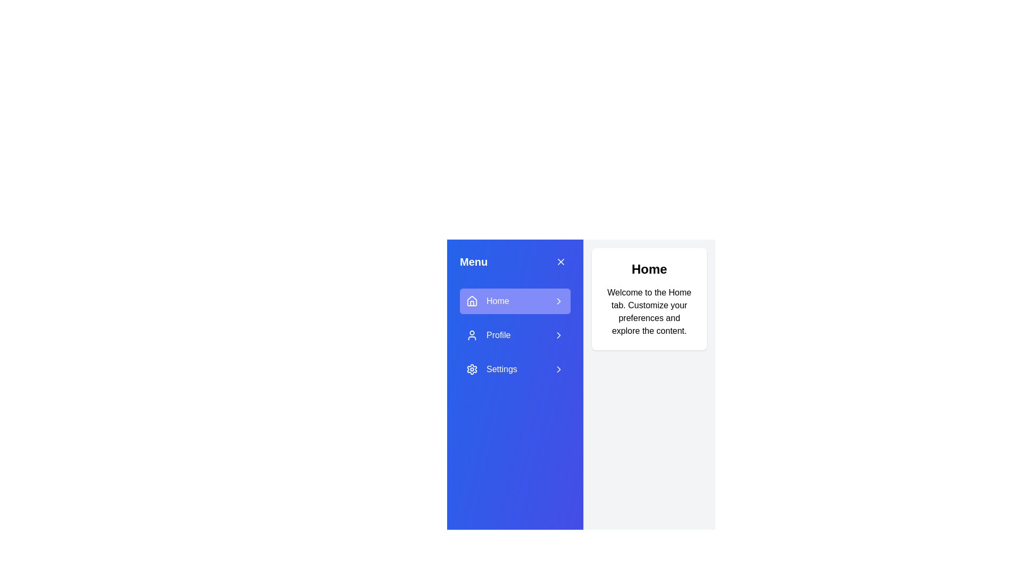 The width and height of the screenshot is (1022, 575). Describe the element at coordinates (558, 334) in the screenshot. I see `the small chevron-right icon located on the far-right side of the 'Profile' item within the blue background of the menu panel` at that location.